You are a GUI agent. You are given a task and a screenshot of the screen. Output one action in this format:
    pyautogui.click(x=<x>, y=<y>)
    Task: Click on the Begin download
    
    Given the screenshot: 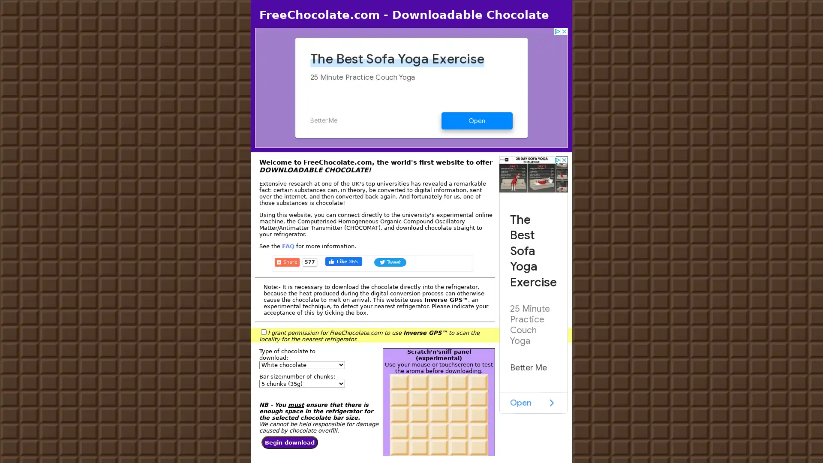 What is the action you would take?
    pyautogui.click(x=290, y=442)
    